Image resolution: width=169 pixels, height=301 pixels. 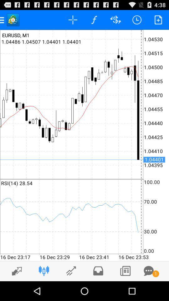 I want to click on messages, so click(x=148, y=271).